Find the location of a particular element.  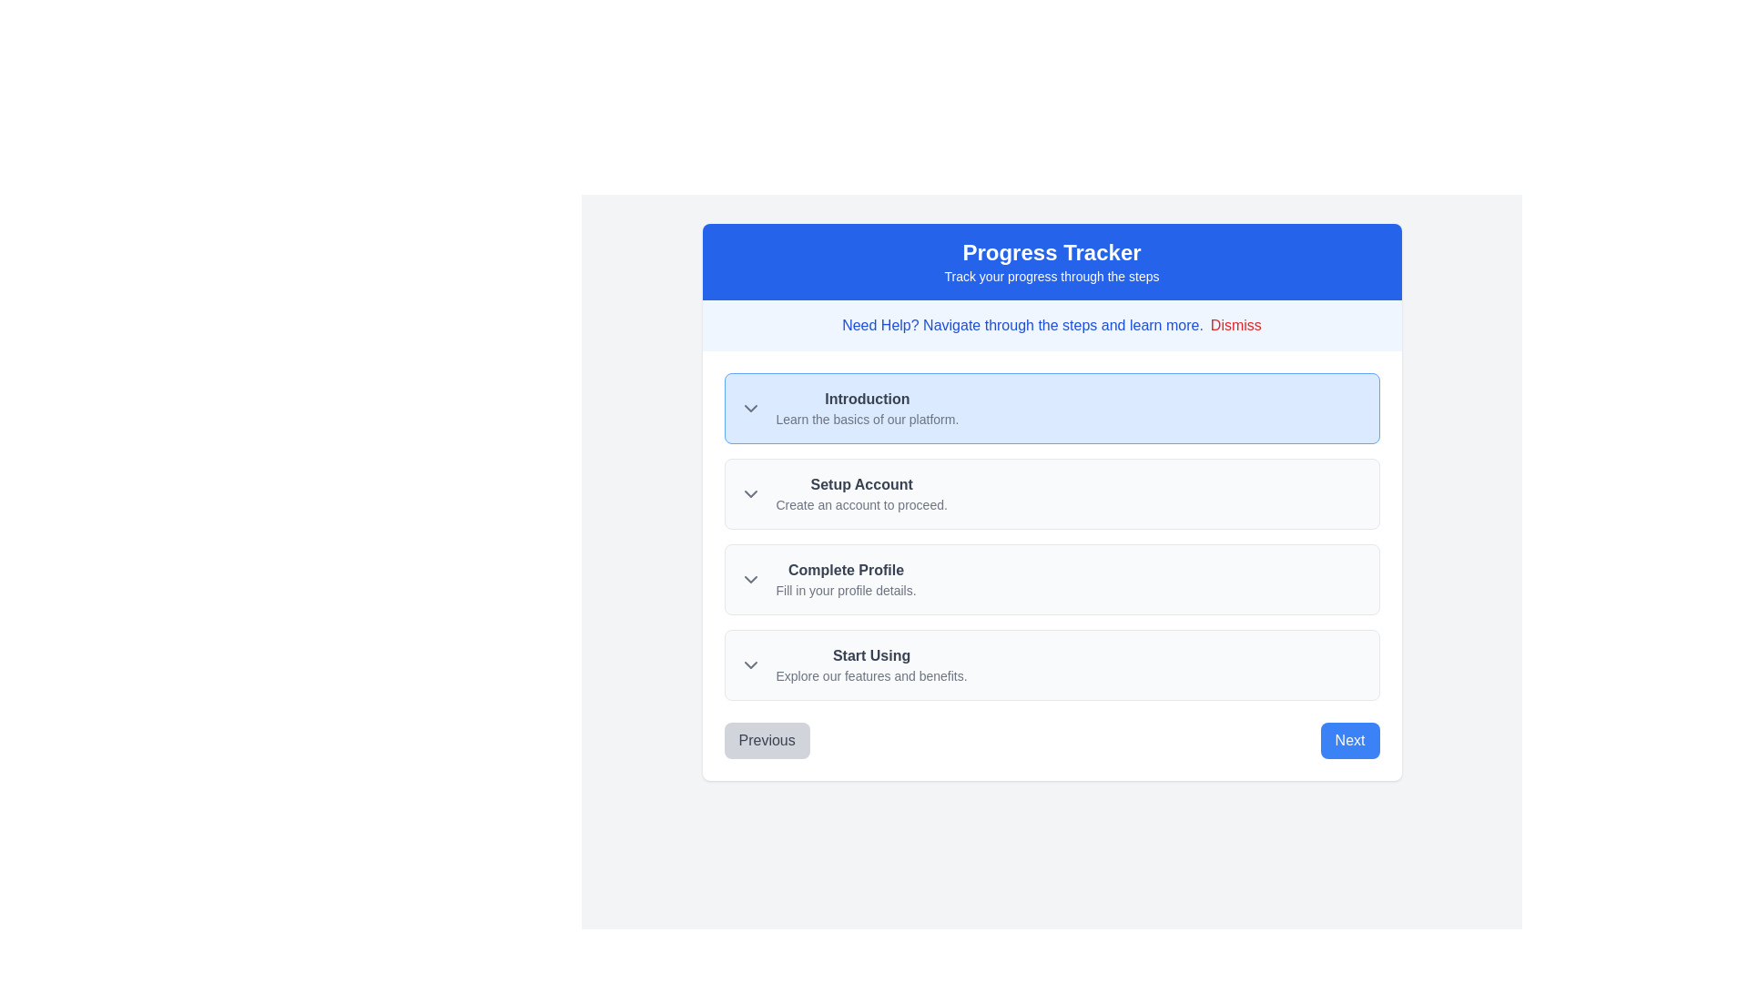

the title label for the first step in the progress tracker, which summarizes further details about the step and is positioned above the text 'Learn the basics of our platform.' is located at coordinates (866, 399).